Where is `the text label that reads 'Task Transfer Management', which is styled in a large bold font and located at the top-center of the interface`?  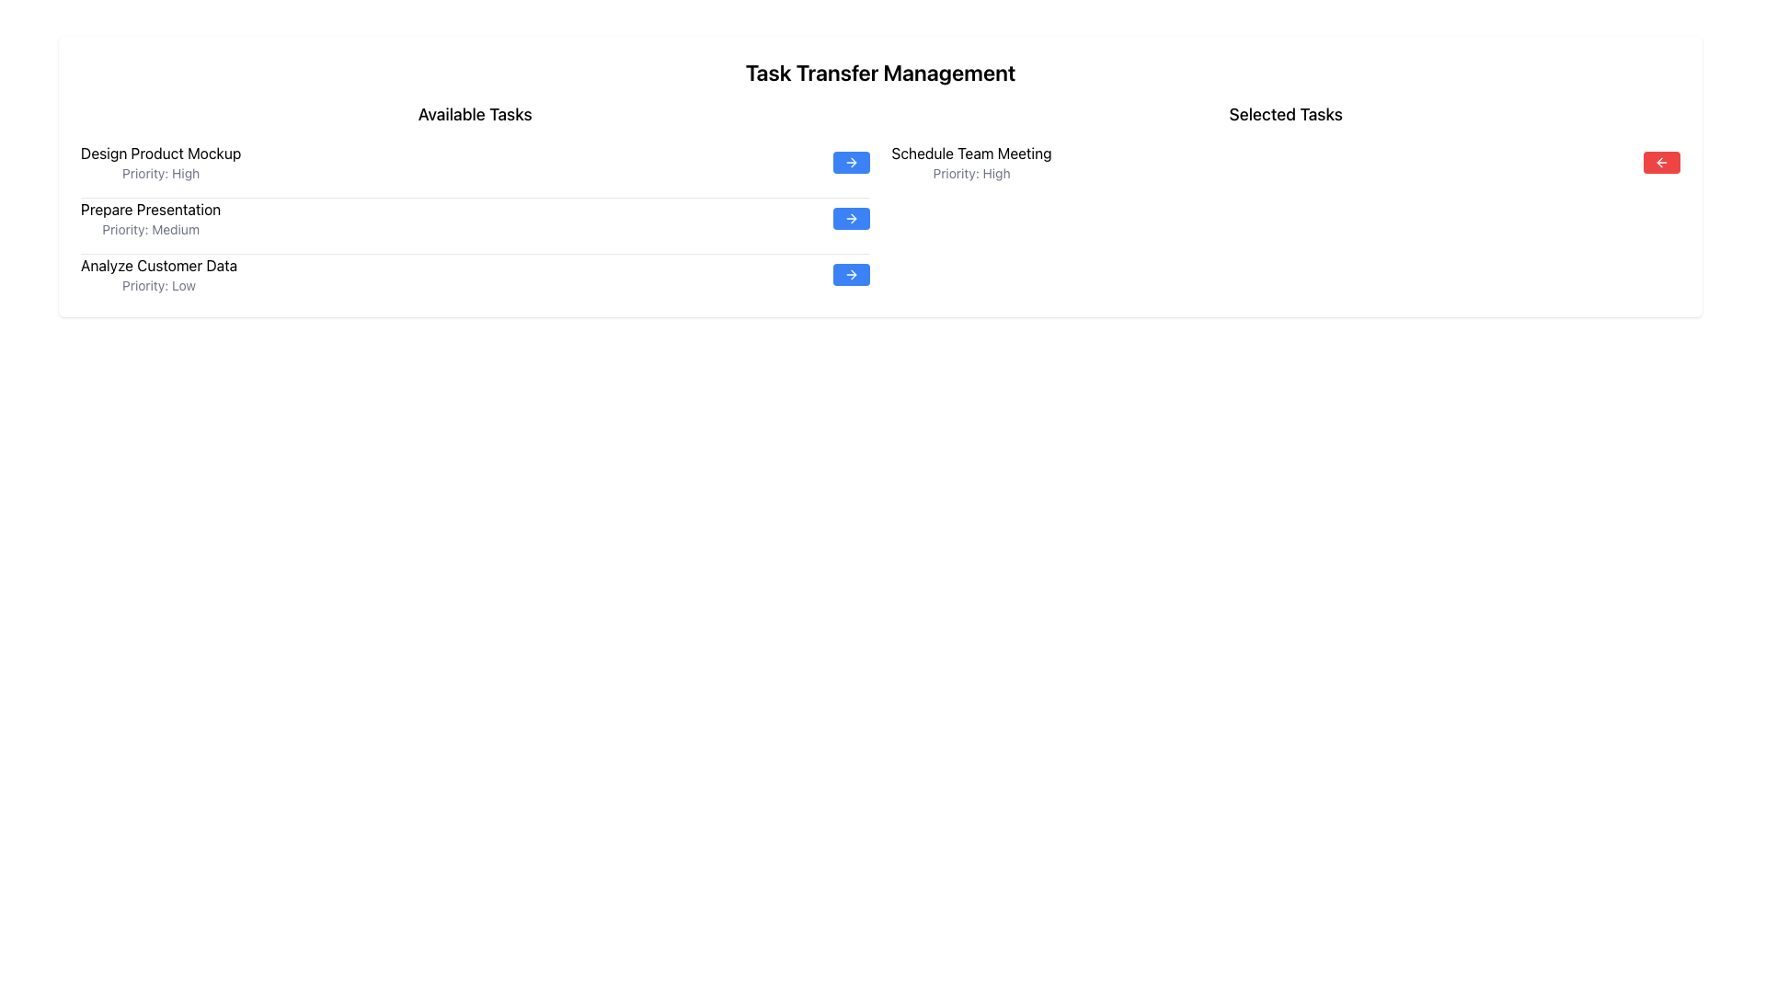
the text label that reads 'Task Transfer Management', which is styled in a large bold font and located at the top-center of the interface is located at coordinates (879, 71).